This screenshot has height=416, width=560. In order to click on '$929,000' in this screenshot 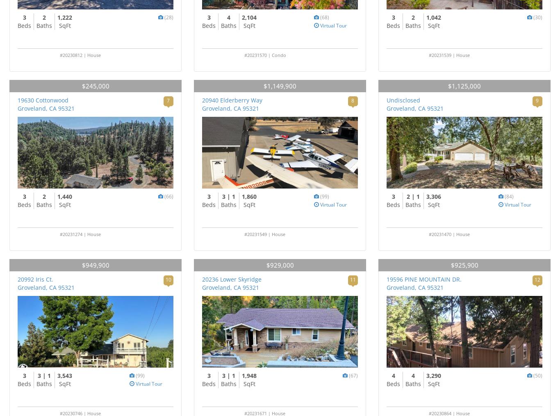, I will do `click(279, 264)`.